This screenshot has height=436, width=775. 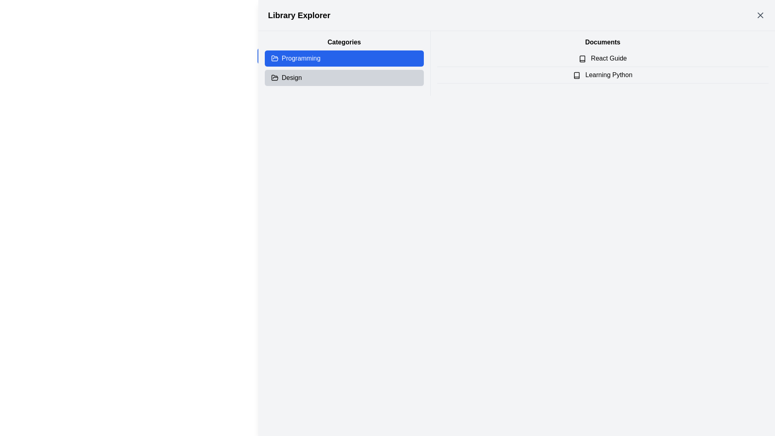 What do you see at coordinates (602, 66) in the screenshot?
I see `the second list item labeled 'Learning Python'` at bounding box center [602, 66].